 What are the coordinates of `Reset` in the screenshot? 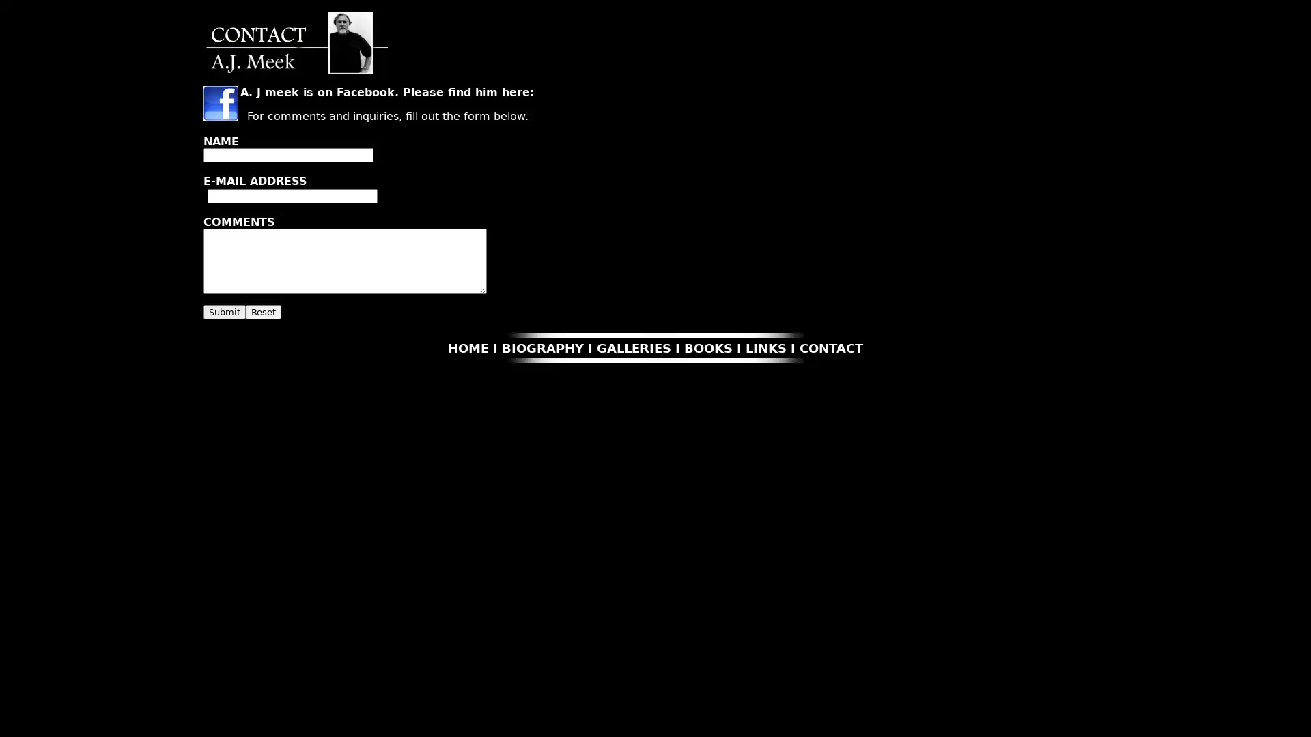 It's located at (262, 312).